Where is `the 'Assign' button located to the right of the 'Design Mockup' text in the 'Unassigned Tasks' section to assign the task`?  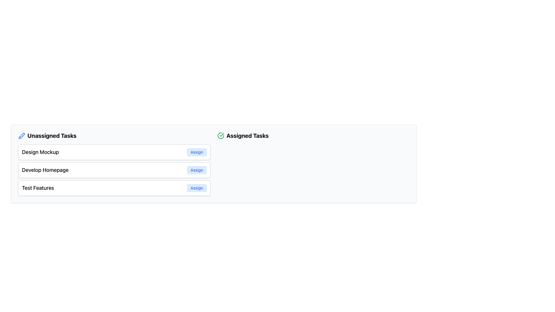
the 'Assign' button located to the right of the 'Design Mockup' text in the 'Unassigned Tasks' section to assign the task is located at coordinates (197, 152).